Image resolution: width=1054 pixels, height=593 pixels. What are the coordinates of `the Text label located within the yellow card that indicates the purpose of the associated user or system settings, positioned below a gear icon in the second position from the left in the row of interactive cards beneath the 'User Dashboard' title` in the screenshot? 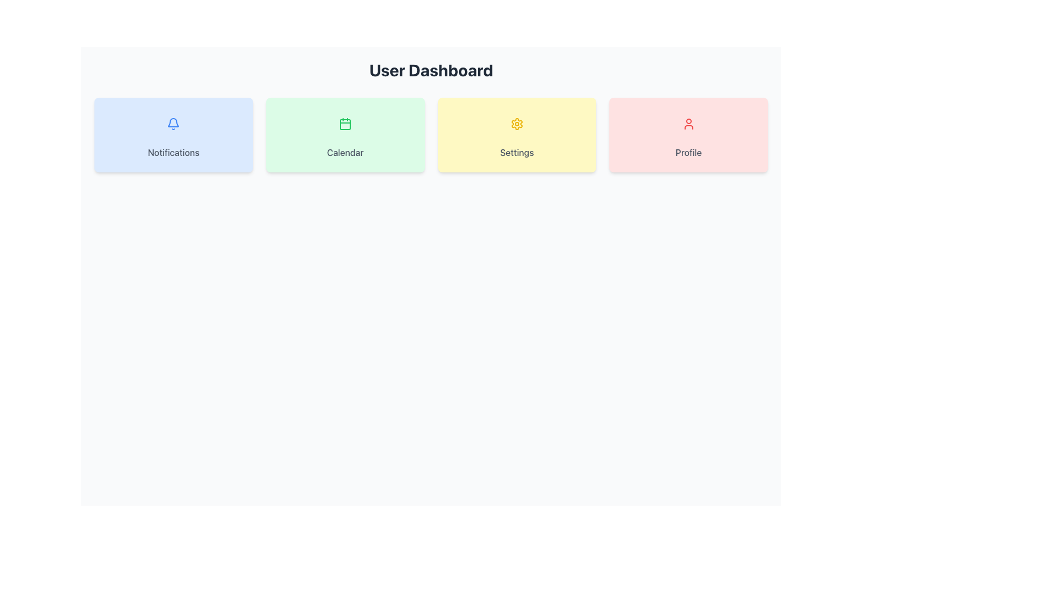 It's located at (516, 152).